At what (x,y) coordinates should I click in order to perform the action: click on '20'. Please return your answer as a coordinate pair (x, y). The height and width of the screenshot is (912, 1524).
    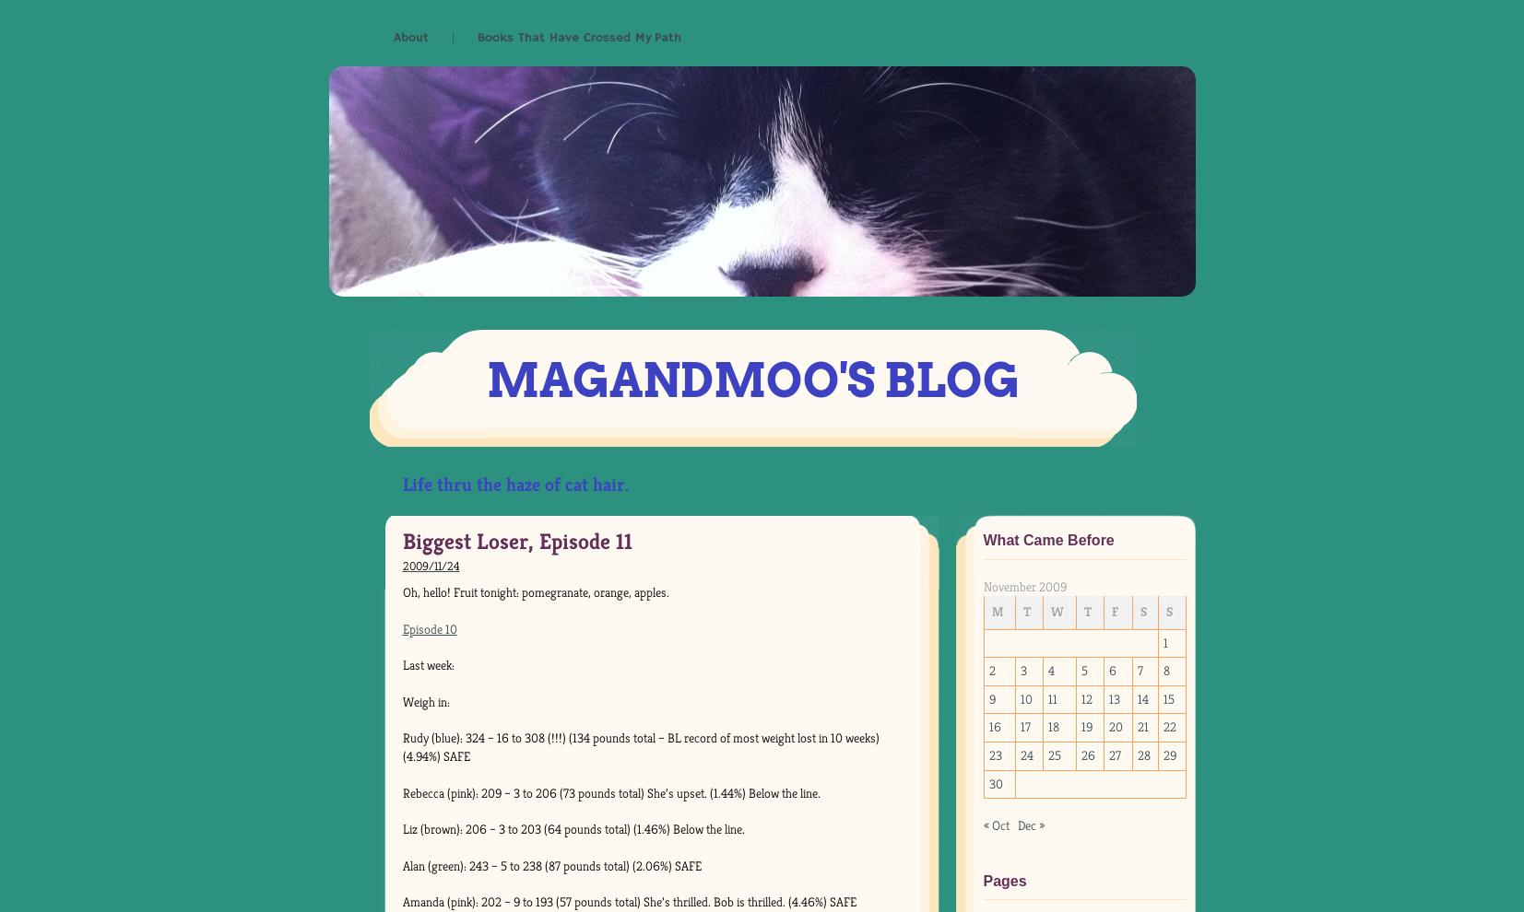
    Looking at the image, I should click on (1116, 727).